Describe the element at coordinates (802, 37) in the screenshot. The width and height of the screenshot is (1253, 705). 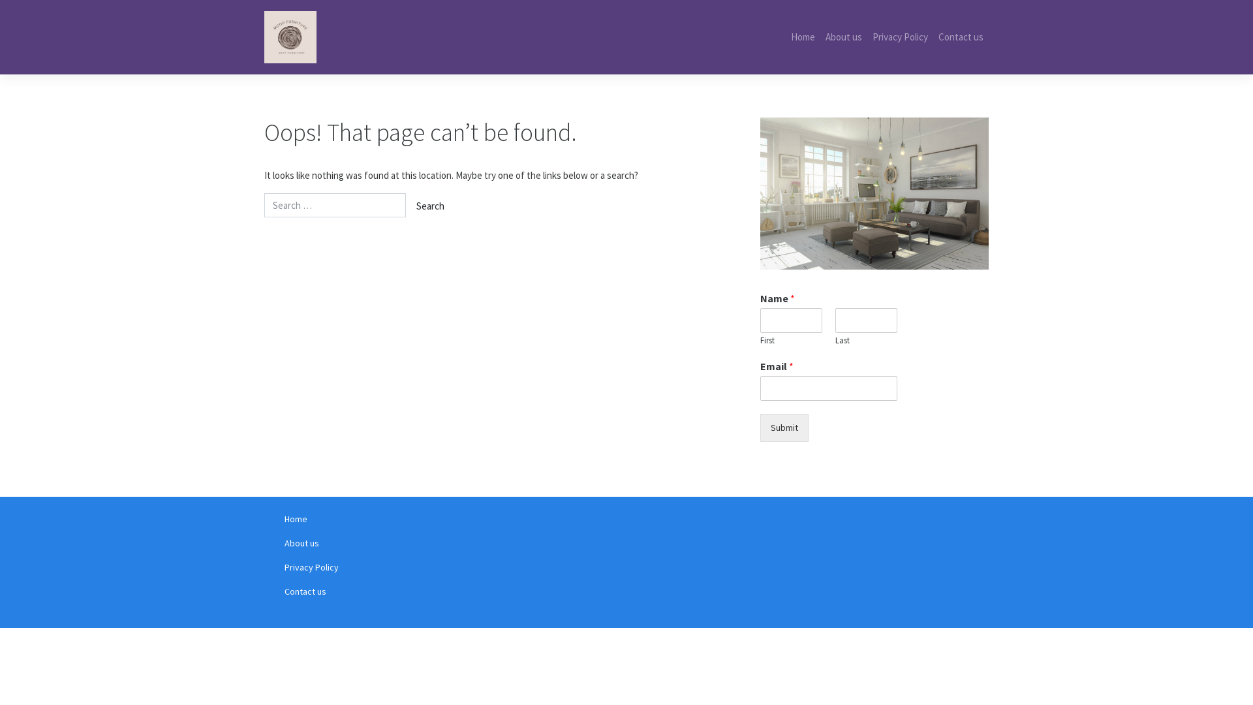
I see `'Home'` at that location.